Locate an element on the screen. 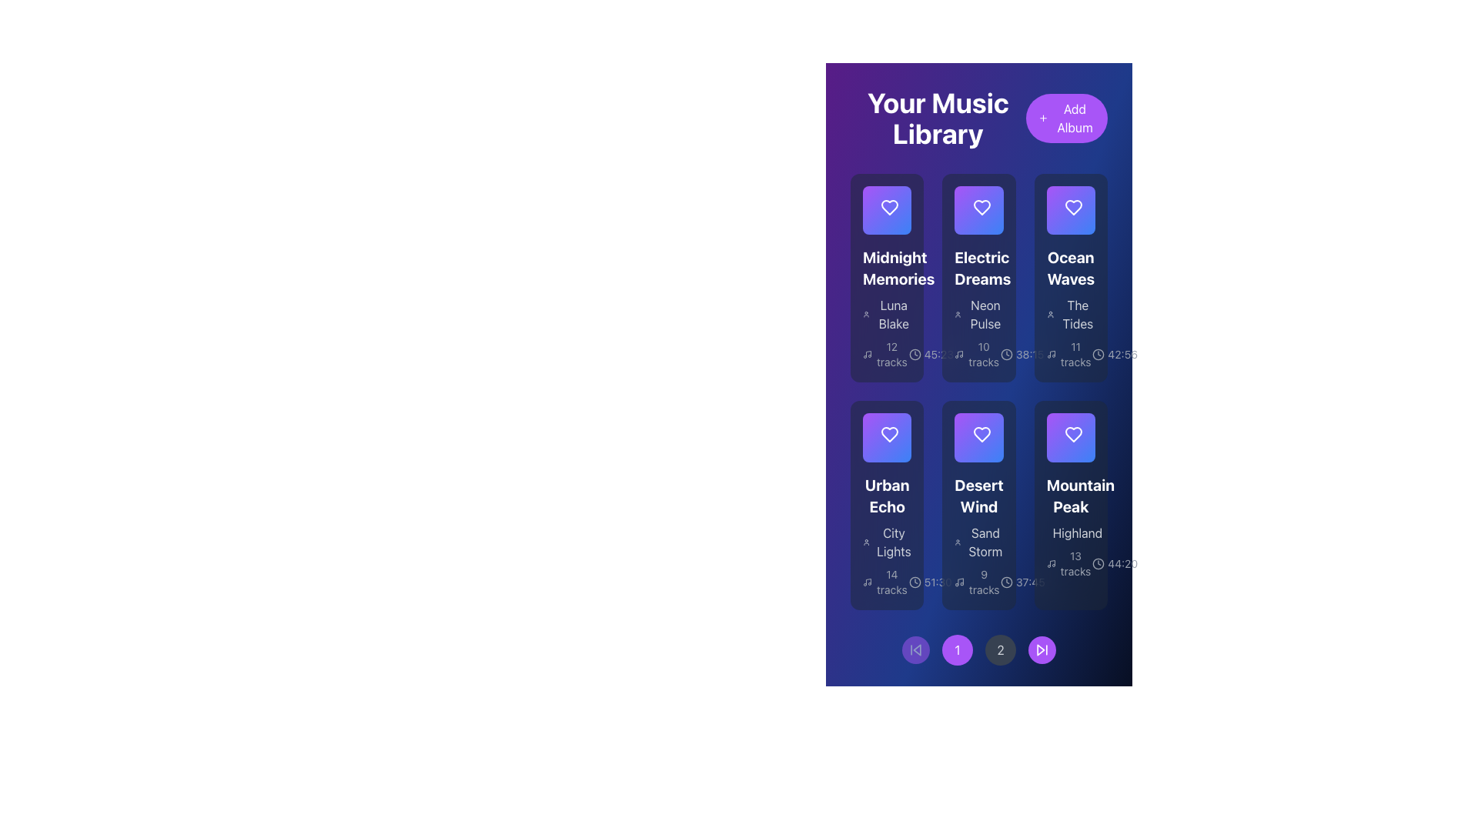 The height and width of the screenshot is (831, 1478). the purple triangular play icon button within the white circular background, part of the 'Electric Dreams' music card, located in the second column of the top row in the grid layout is located at coordinates (978, 210).